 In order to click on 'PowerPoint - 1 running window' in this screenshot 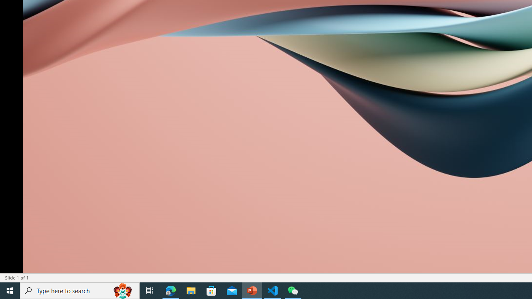, I will do `click(252, 290)`.